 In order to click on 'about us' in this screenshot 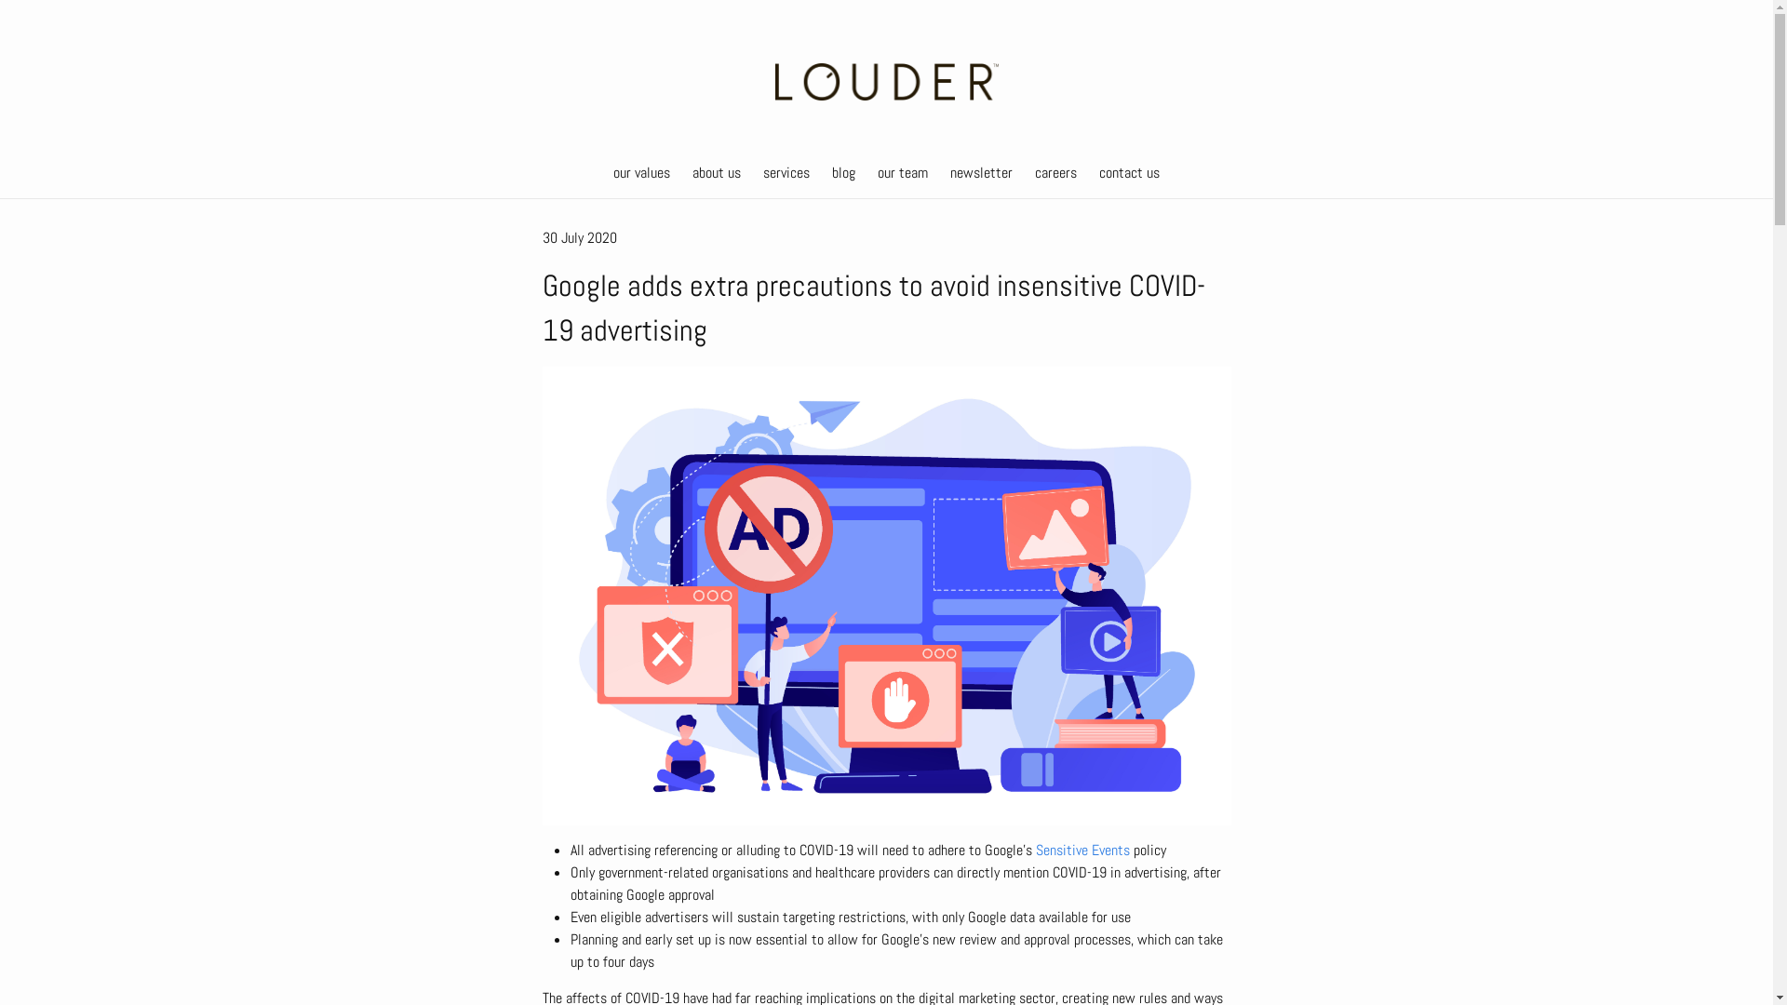, I will do `click(715, 172)`.